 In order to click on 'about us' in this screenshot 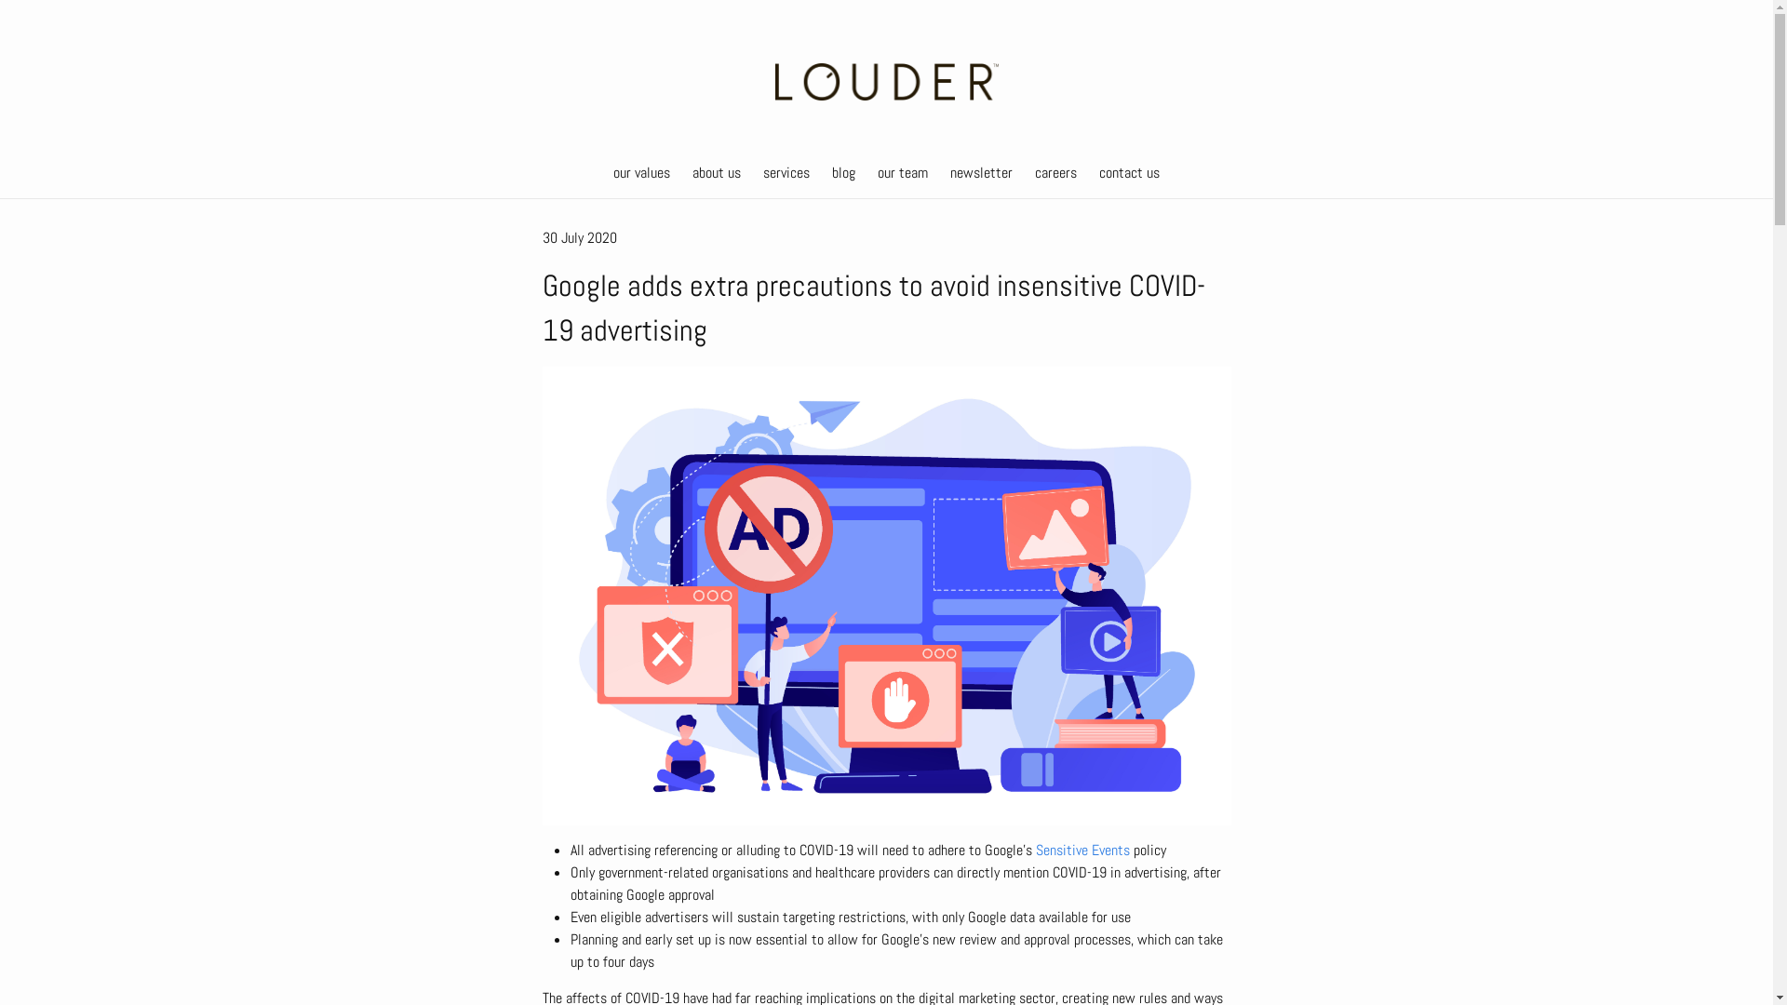, I will do `click(715, 172)`.